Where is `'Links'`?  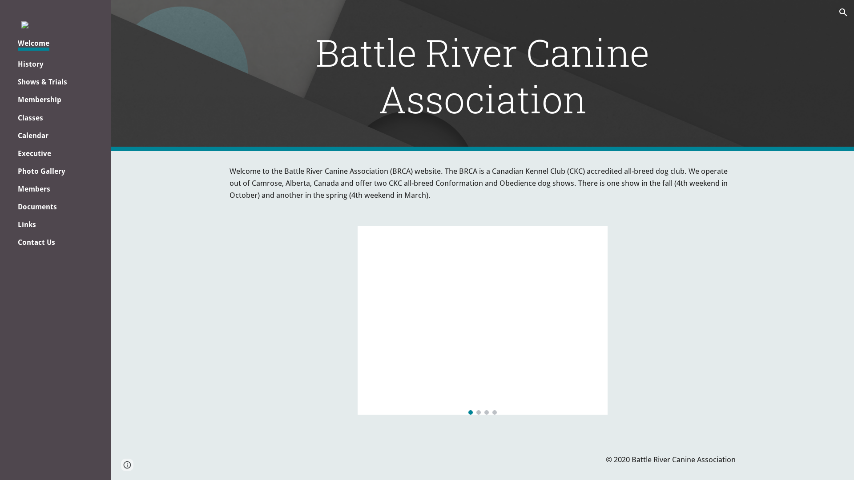
'Links' is located at coordinates (27, 224).